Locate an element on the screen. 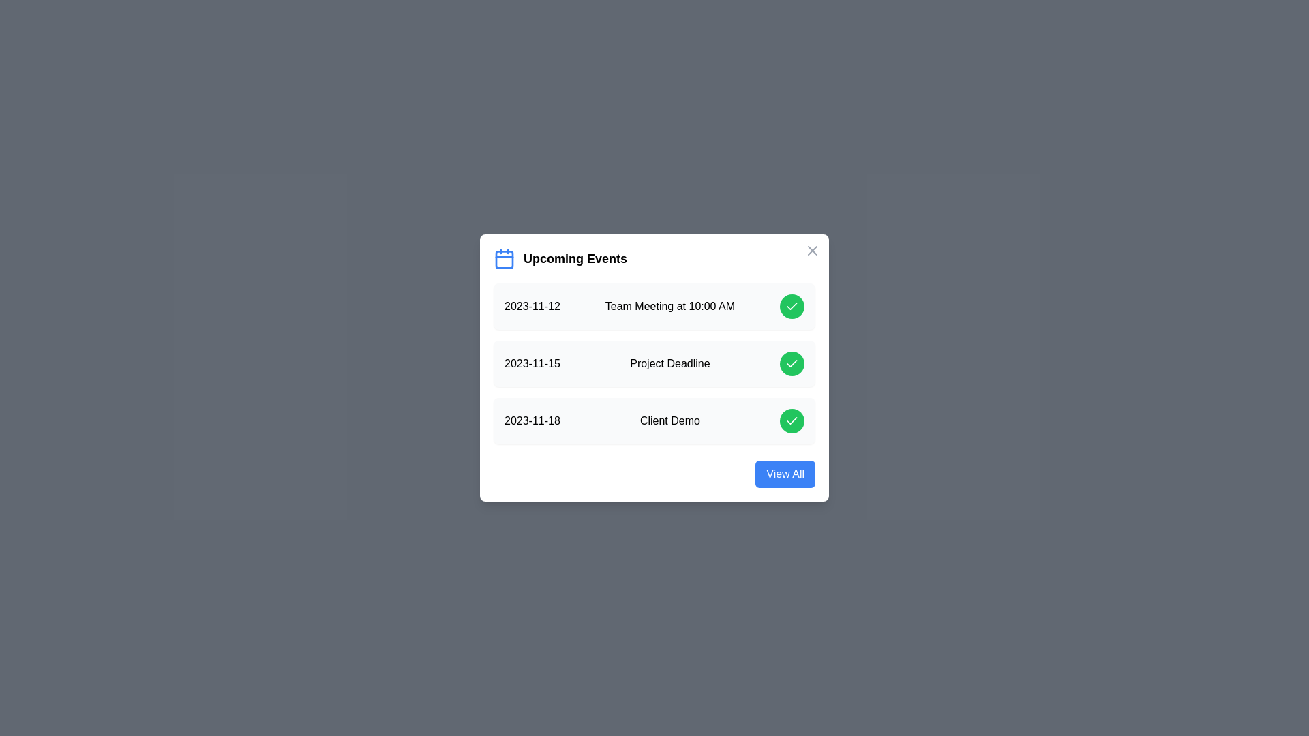  the close button in the top-right corner of the dialog is located at coordinates (812, 250).